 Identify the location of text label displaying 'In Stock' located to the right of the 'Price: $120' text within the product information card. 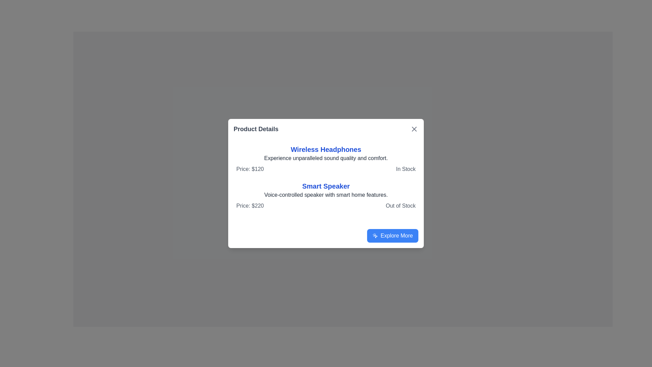
(406, 169).